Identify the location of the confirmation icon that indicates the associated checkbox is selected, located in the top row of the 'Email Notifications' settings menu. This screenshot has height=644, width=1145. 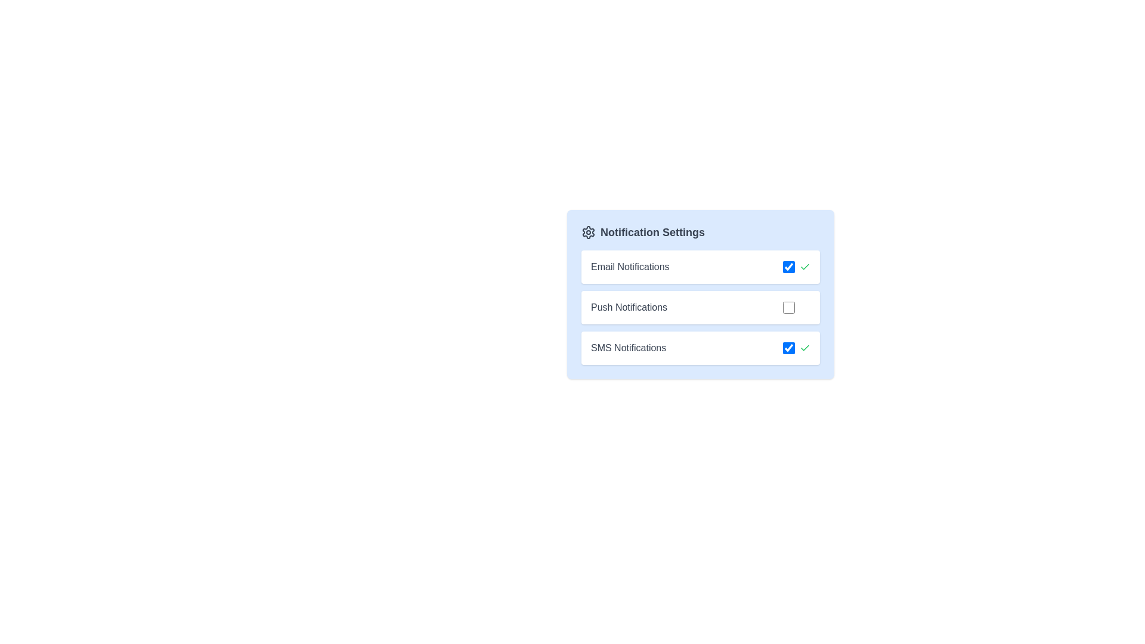
(804, 266).